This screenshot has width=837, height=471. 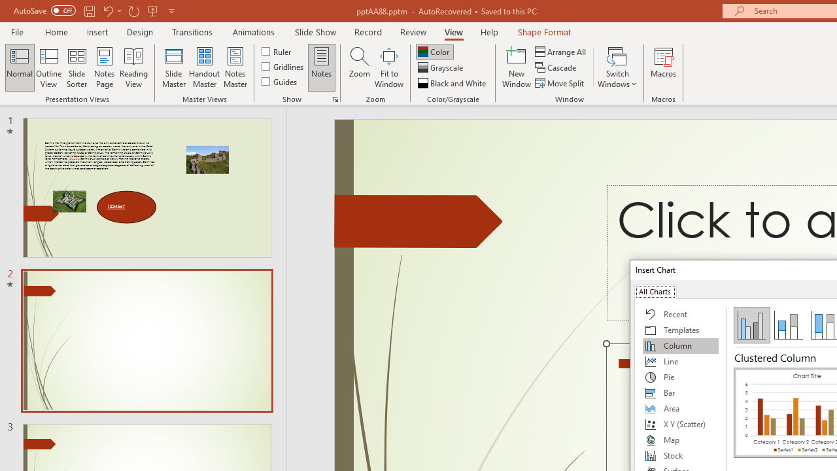 What do you see at coordinates (277, 50) in the screenshot?
I see `'Ruler'` at bounding box center [277, 50].